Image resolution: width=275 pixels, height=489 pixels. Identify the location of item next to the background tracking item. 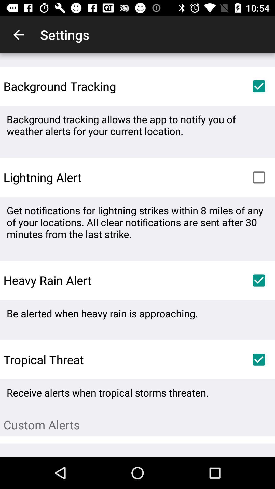
(259, 86).